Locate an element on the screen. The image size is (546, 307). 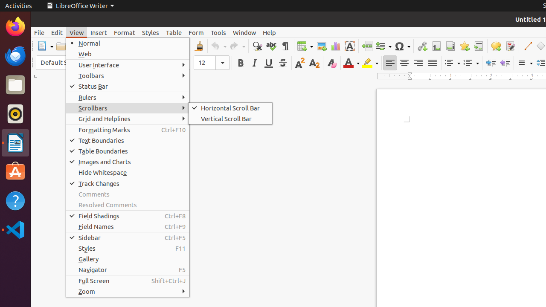
'LibreOffice Writer' is located at coordinates (80, 6).